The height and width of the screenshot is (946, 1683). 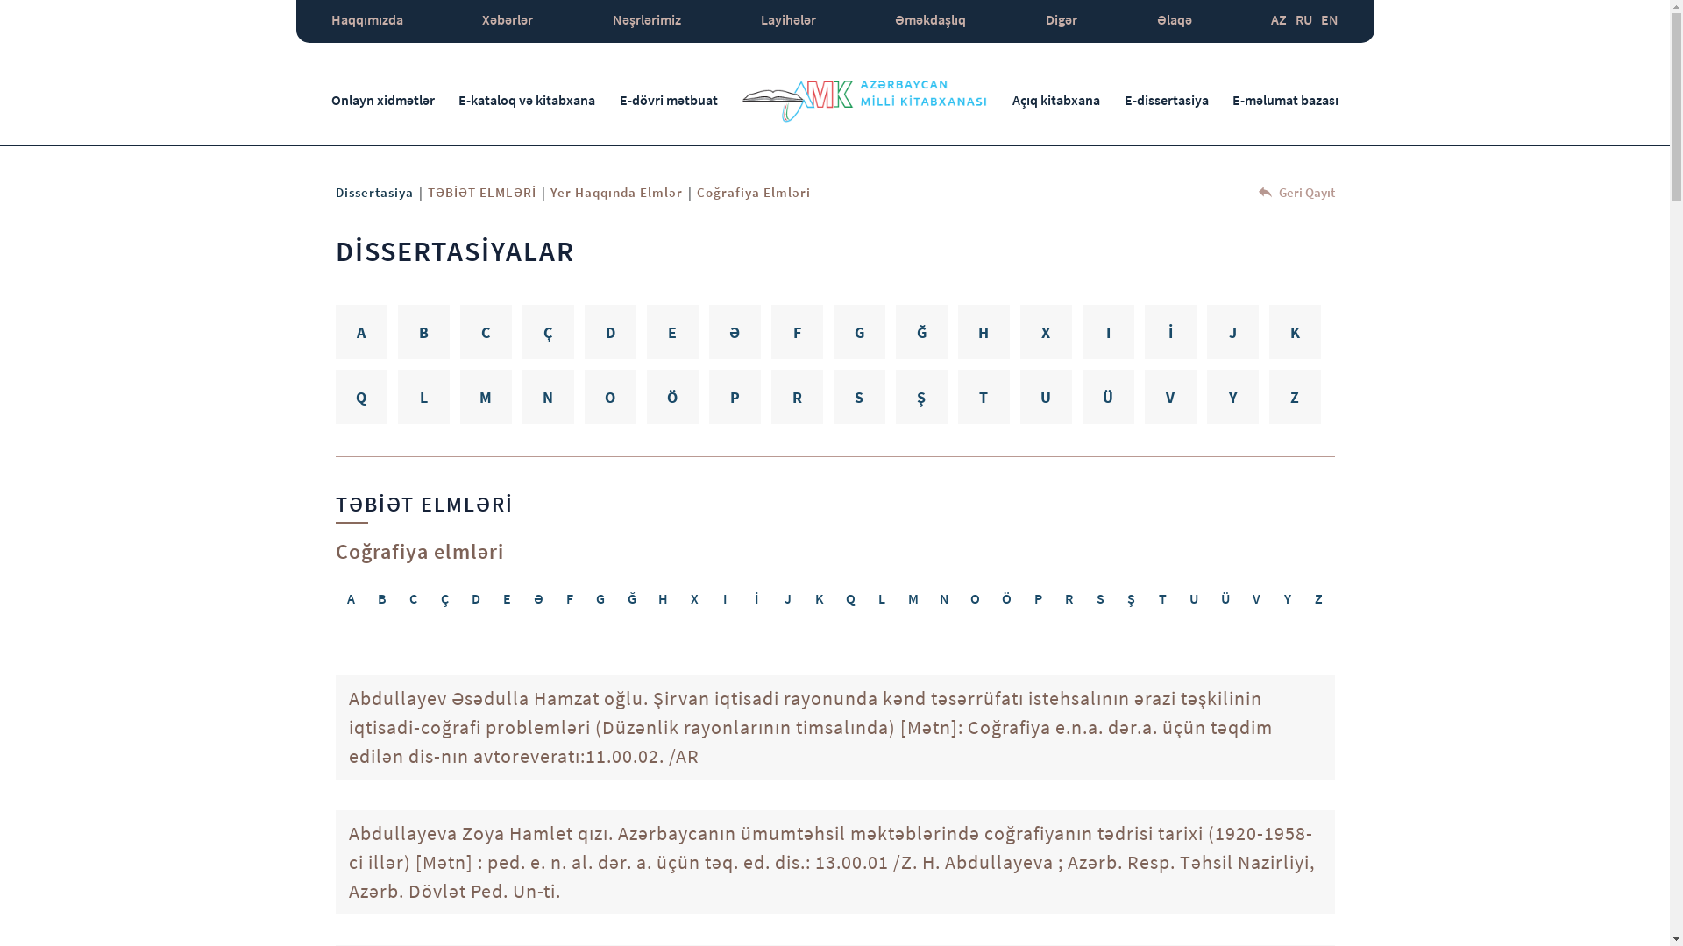 What do you see at coordinates (359, 331) in the screenshot?
I see `'A'` at bounding box center [359, 331].